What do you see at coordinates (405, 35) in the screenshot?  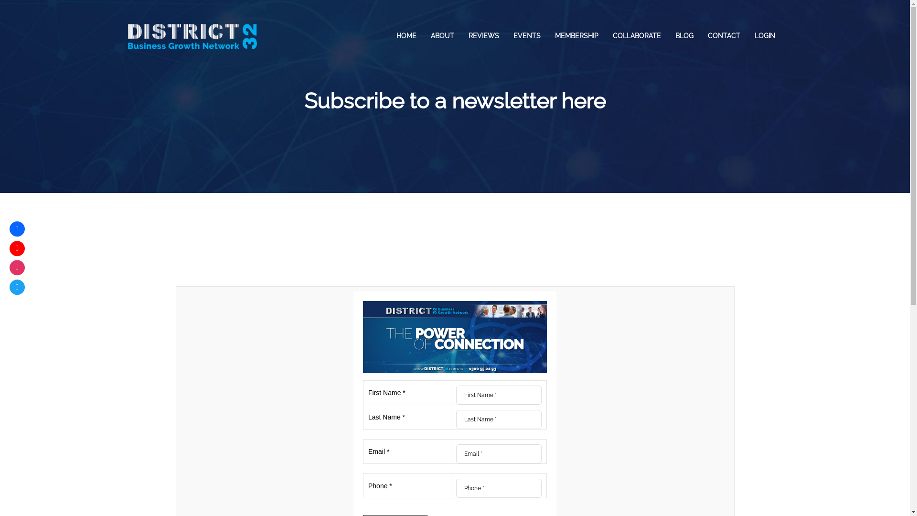 I see `'HOME'` at bounding box center [405, 35].